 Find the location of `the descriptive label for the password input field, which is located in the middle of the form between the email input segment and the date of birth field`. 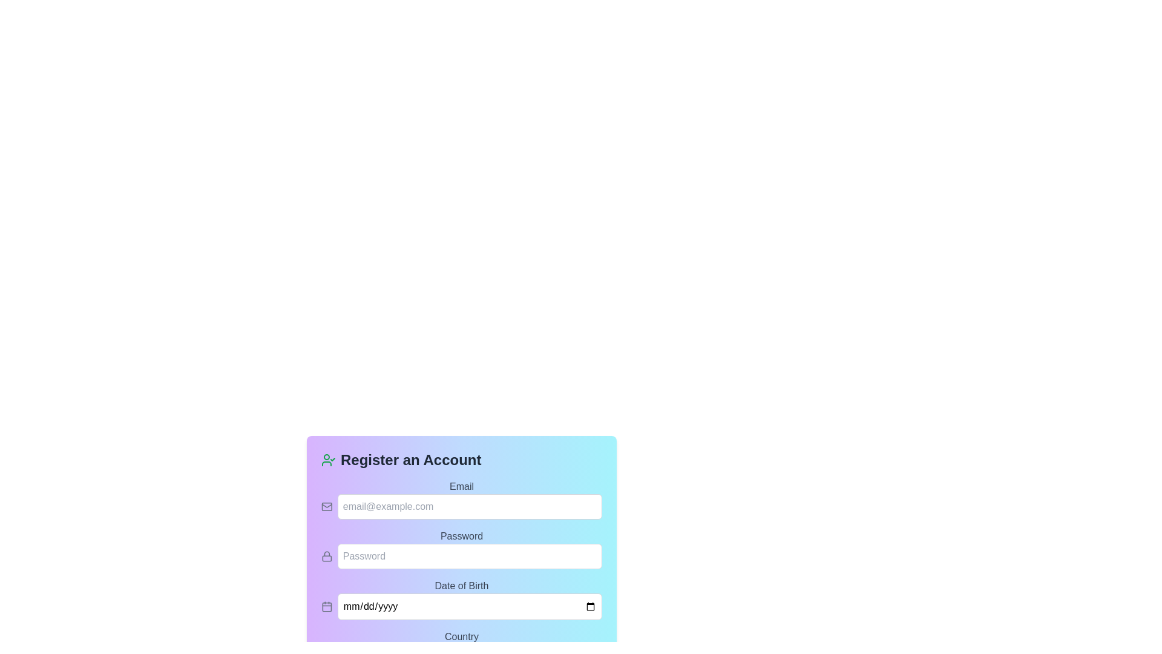

the descriptive label for the password input field, which is located in the middle of the form between the email input segment and the date of birth field is located at coordinates (461, 536).